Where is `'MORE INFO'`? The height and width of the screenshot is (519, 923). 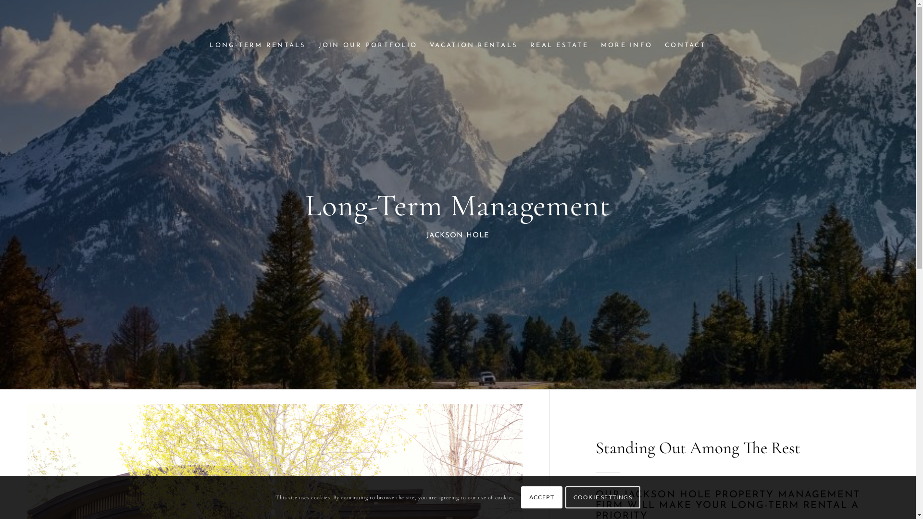
'MORE INFO' is located at coordinates (626, 46).